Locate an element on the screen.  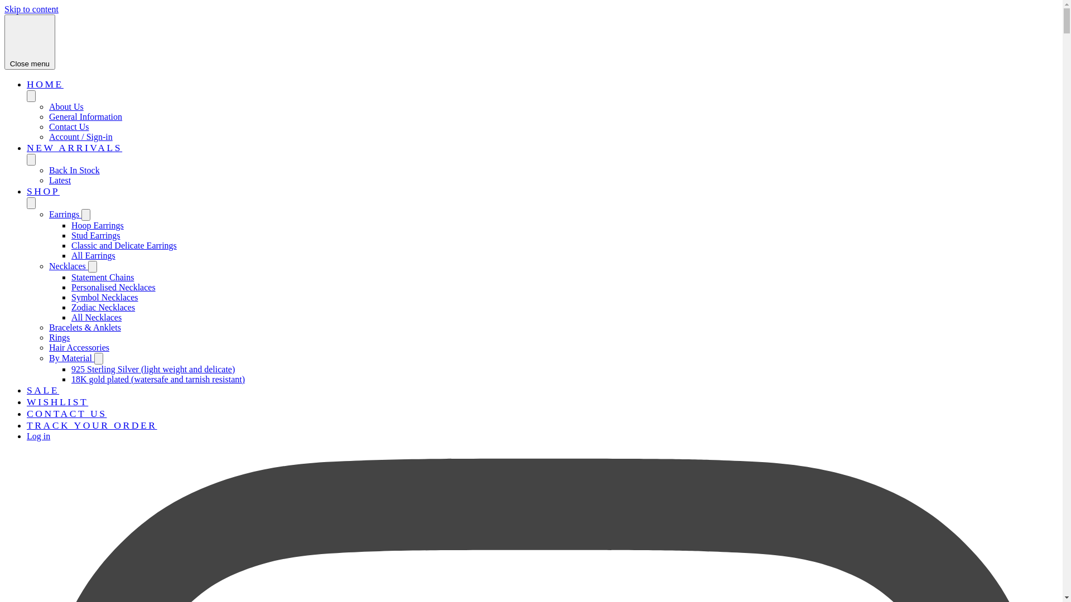
'18K gold plated (watersafe and tarnish resistant)' is located at coordinates (157, 378).